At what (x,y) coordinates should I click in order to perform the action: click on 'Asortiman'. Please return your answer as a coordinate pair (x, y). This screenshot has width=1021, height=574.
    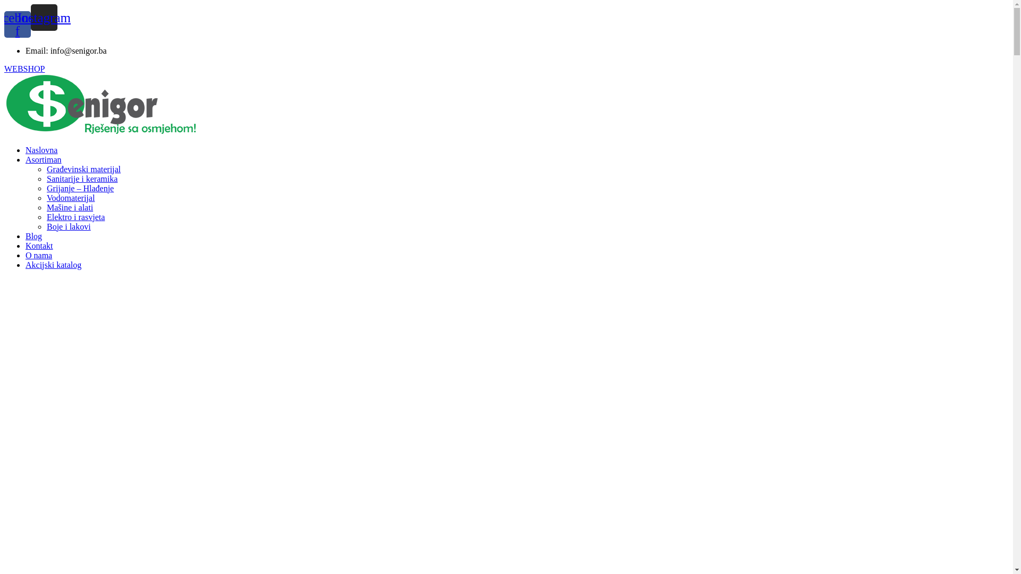
    Looking at the image, I should click on (43, 159).